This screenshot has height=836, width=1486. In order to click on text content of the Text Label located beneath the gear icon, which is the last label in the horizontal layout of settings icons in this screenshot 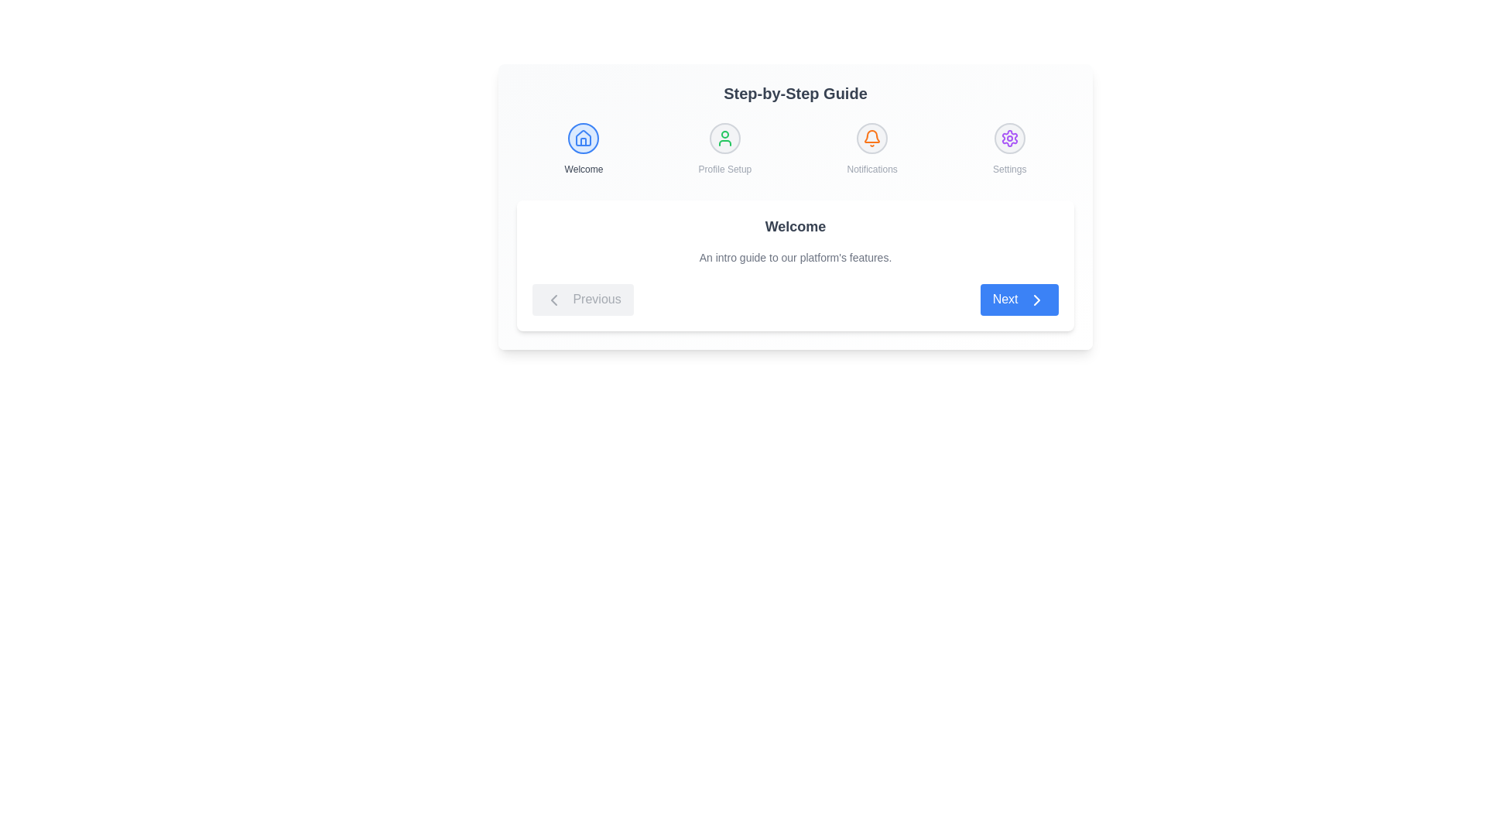, I will do `click(1009, 170)`.